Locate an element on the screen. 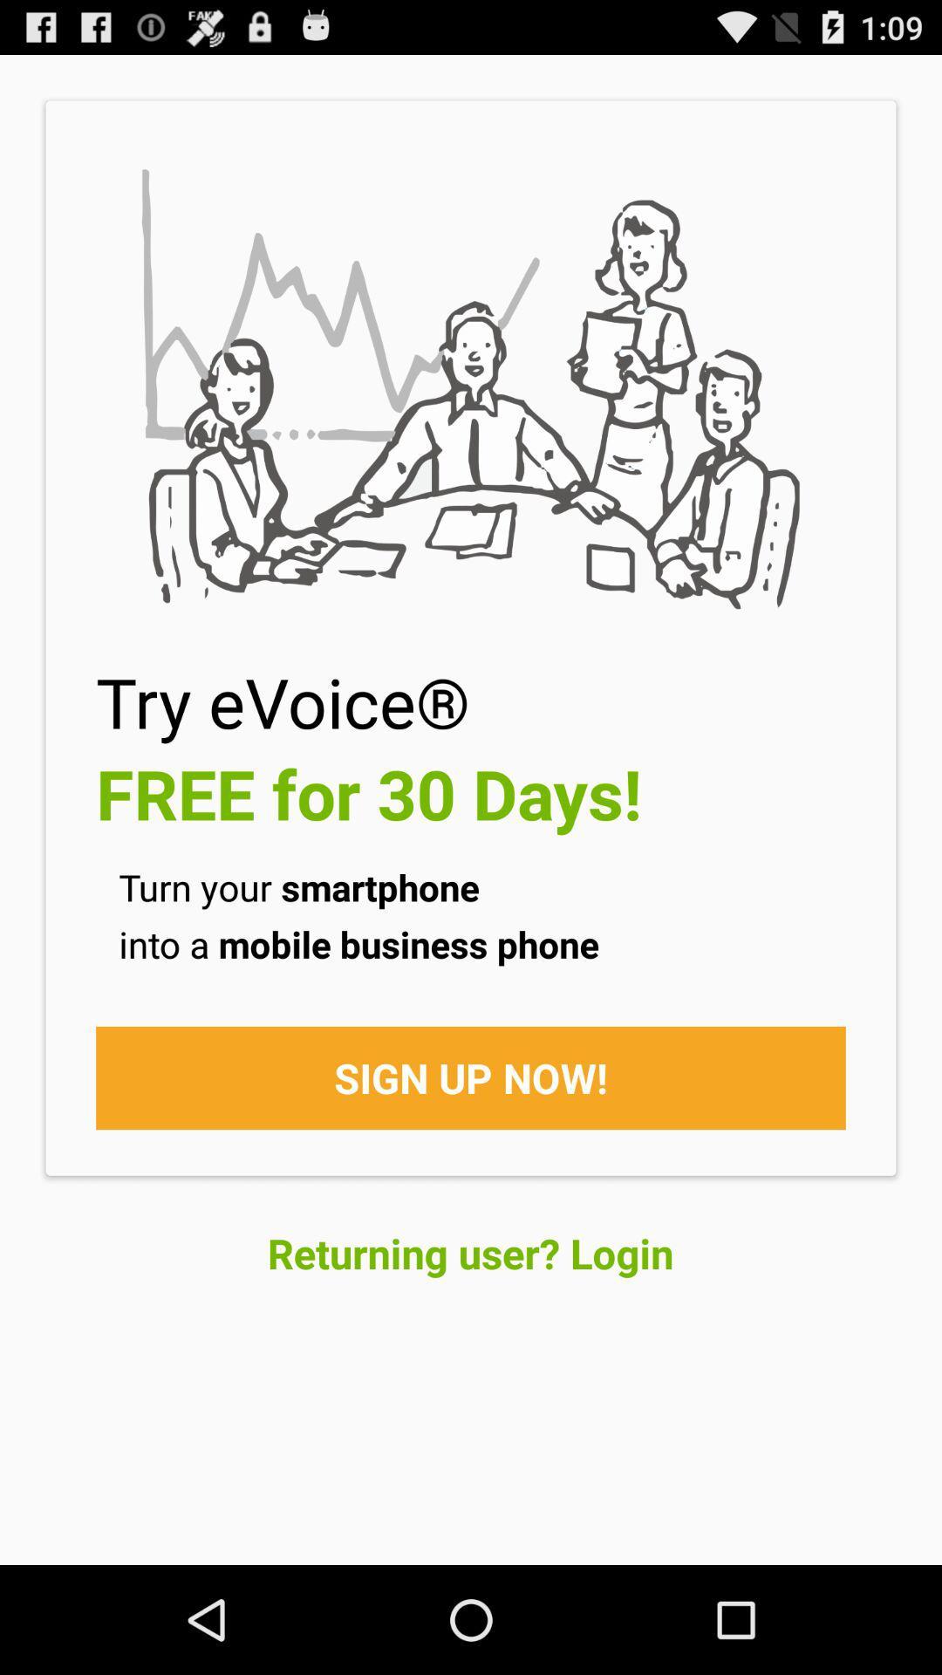  the item below the sign up now! item is located at coordinates (469, 1252).